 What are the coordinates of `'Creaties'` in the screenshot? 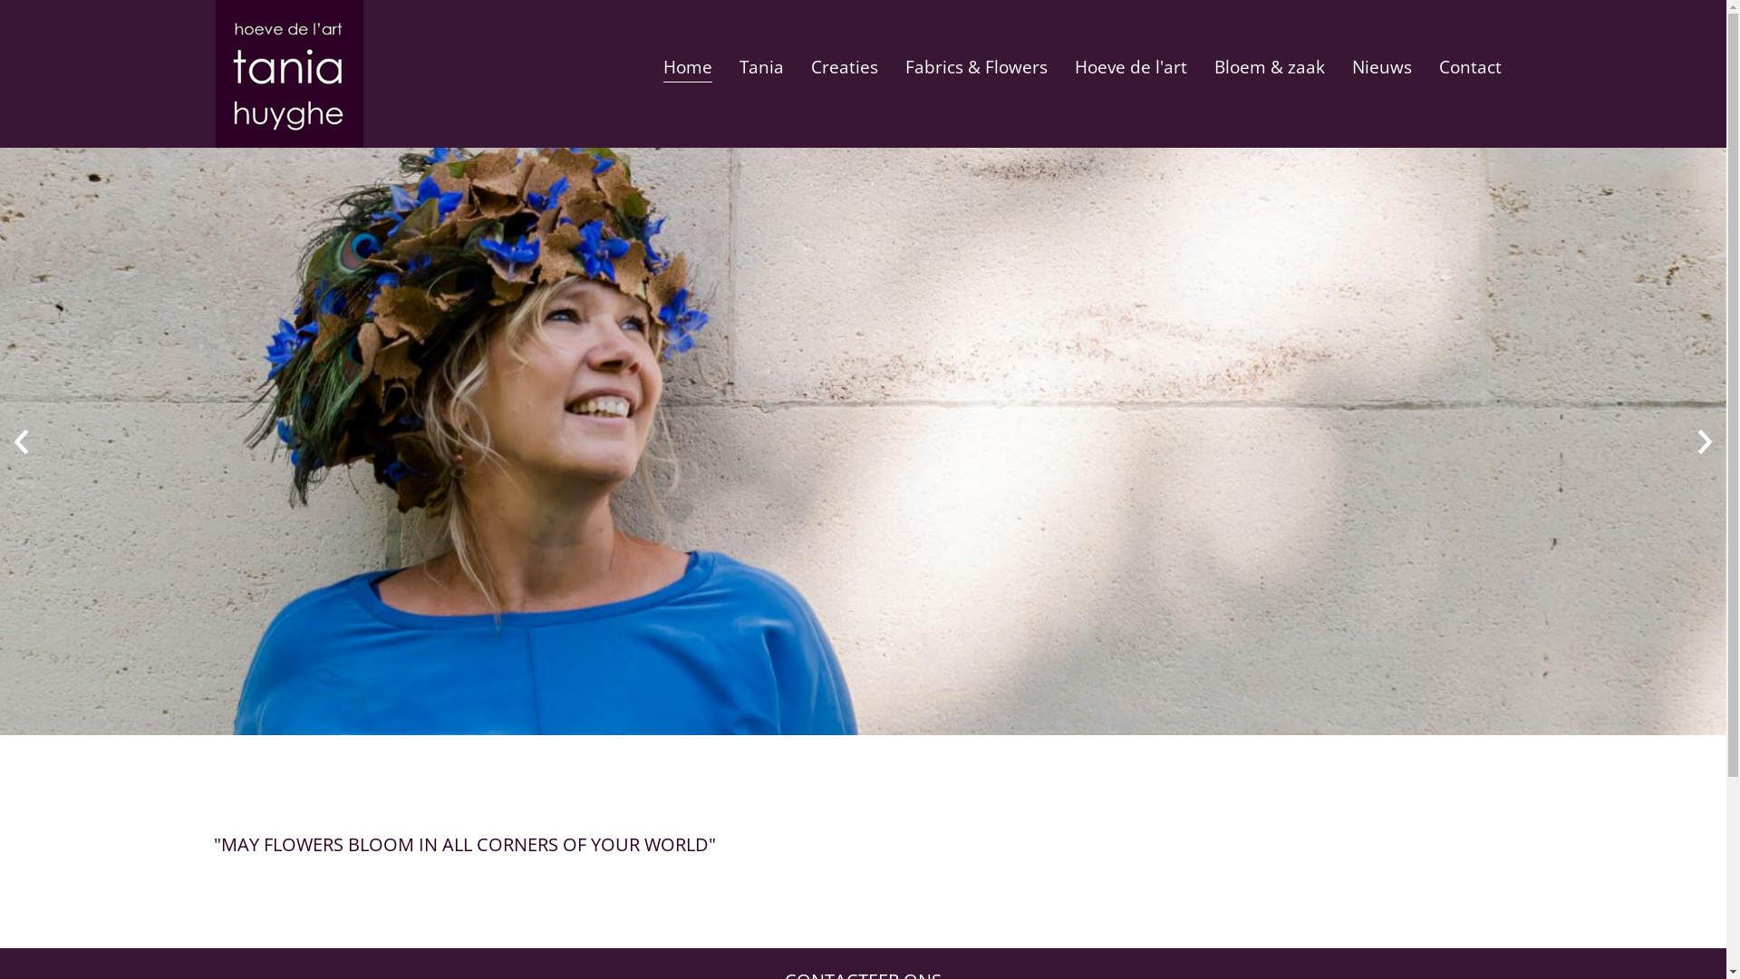 It's located at (843, 63).